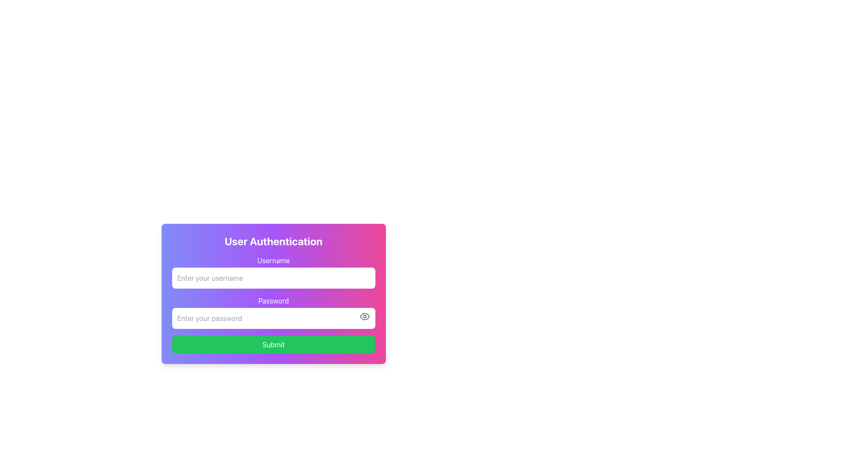  What do you see at coordinates (273, 260) in the screenshot?
I see `the Text Label that indicates the purpose of the username input field, positioned above the username input box in the top left quadrant of the main dialog box` at bounding box center [273, 260].